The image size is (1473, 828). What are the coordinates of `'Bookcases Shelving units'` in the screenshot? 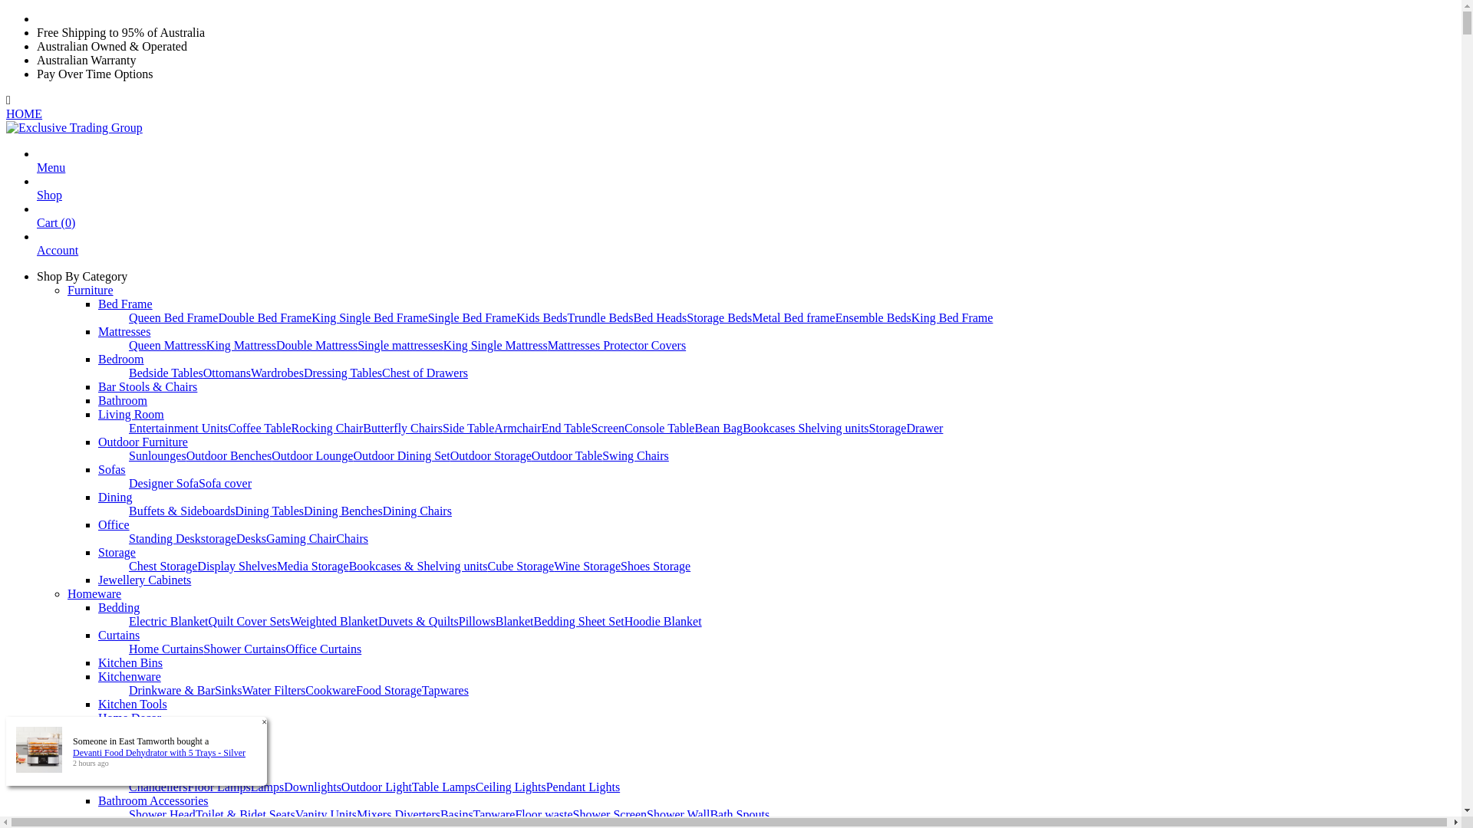 It's located at (805, 428).